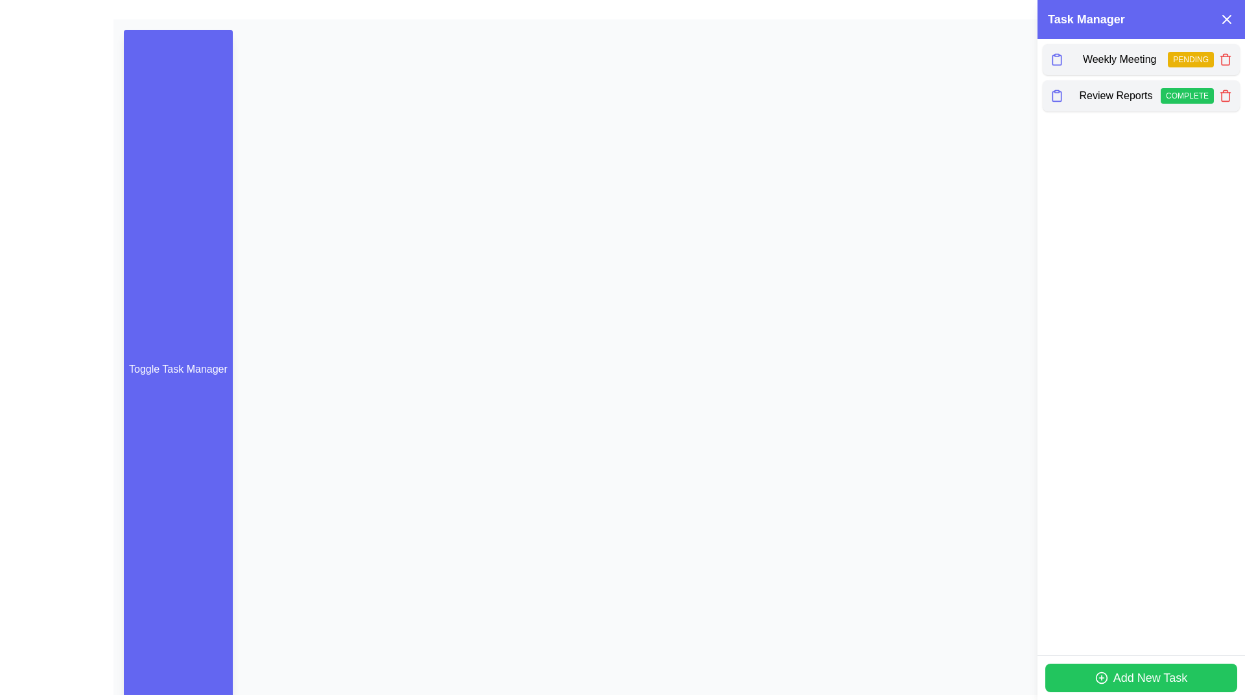  Describe the element at coordinates (1115, 95) in the screenshot. I see `the 'Review Reports' text label located in the second entry of the task list in the 'Task Manager' panel, positioned between the clipboard icon and the green 'Complete' status badge` at that location.